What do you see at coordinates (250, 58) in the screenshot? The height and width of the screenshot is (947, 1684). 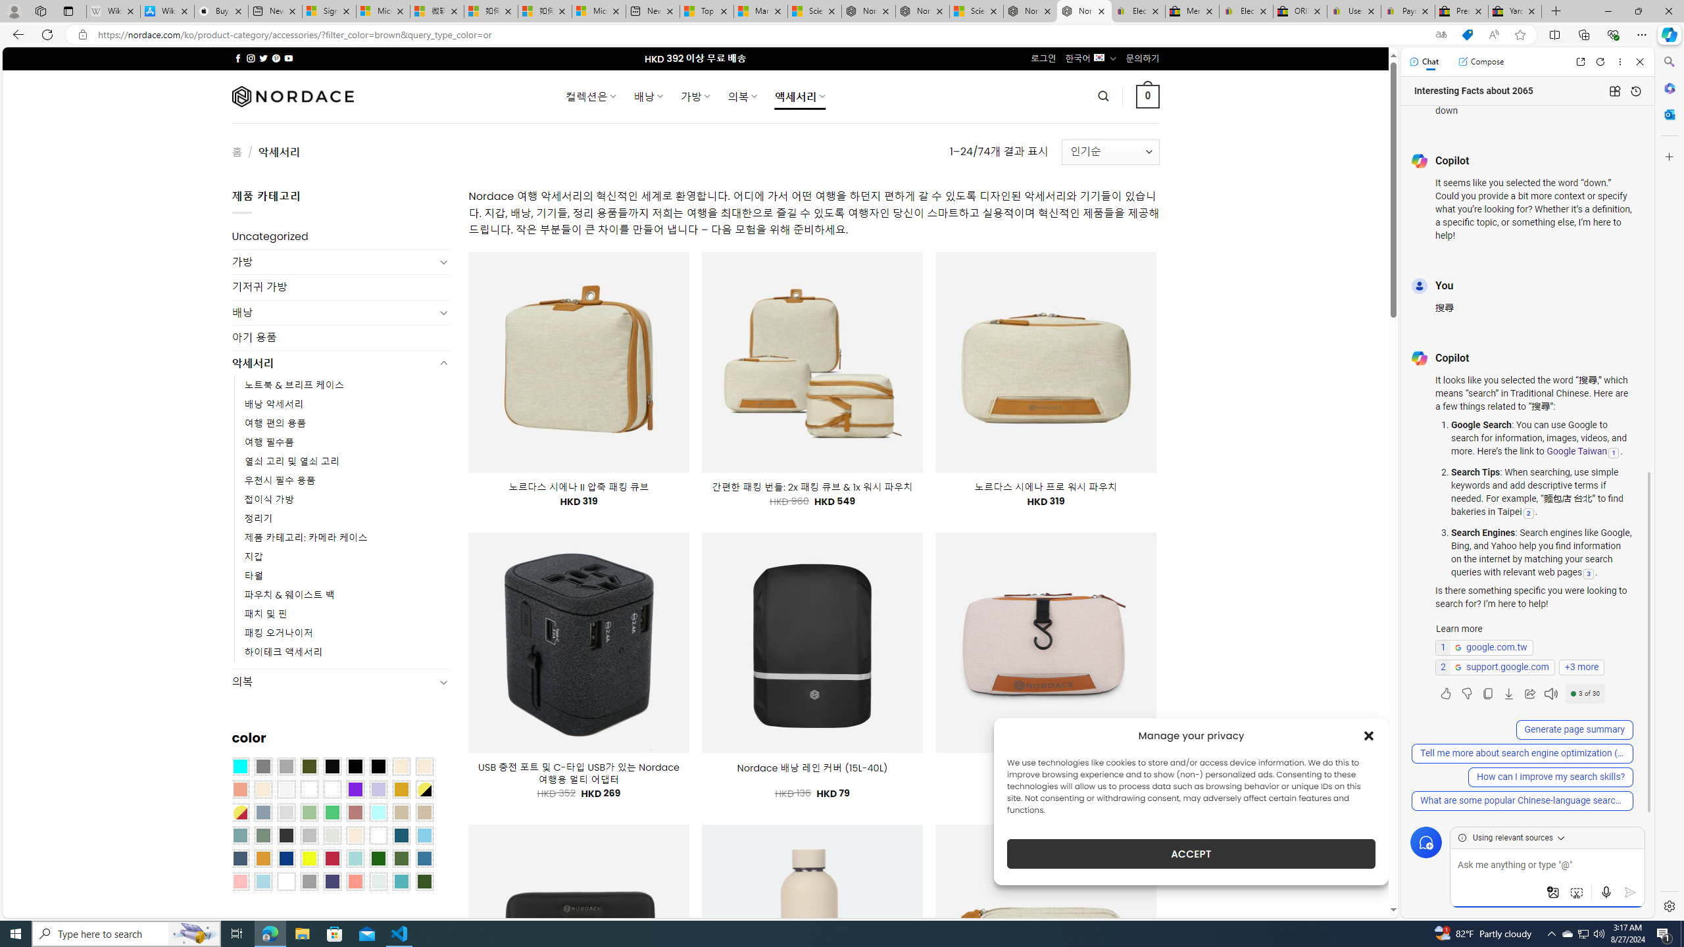 I see `'Follow on Instagram'` at bounding box center [250, 58].